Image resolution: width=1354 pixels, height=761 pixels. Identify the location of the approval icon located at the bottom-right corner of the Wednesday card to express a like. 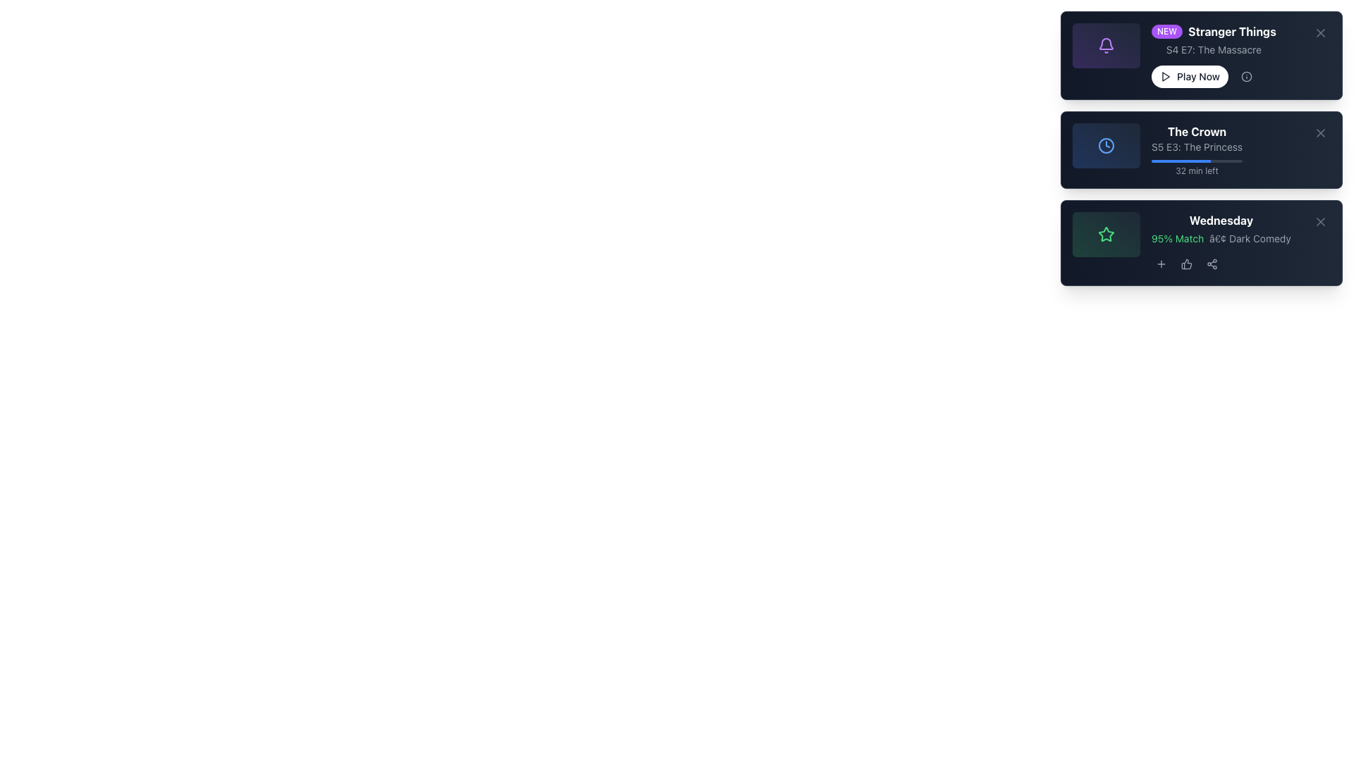
(1186, 264).